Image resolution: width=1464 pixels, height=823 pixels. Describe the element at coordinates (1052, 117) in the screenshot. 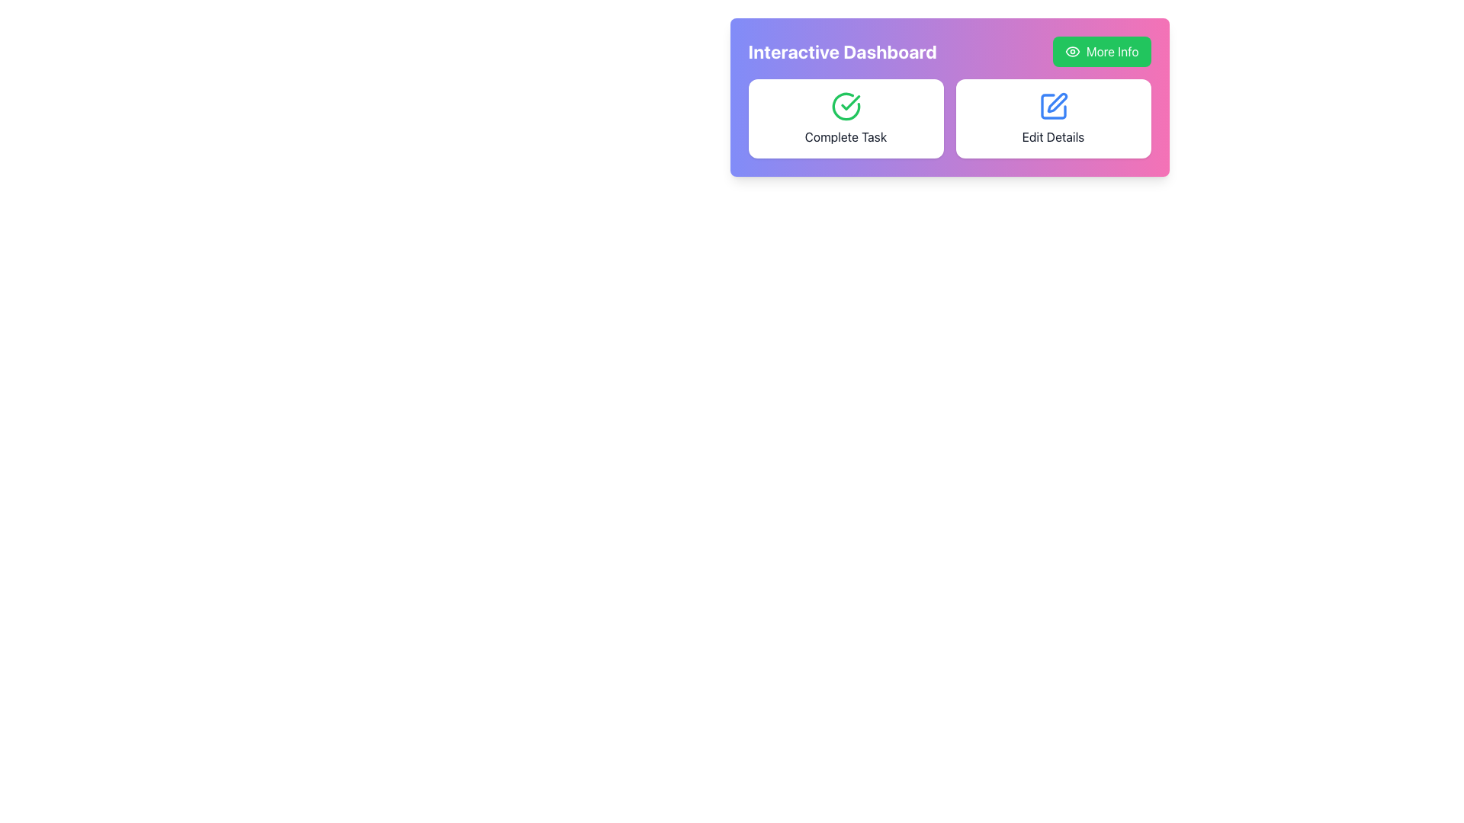

I see `the button labeled 'Edit Details' located in the second card of the two-column grid under the 'Interactive Dashboard' section` at that location.